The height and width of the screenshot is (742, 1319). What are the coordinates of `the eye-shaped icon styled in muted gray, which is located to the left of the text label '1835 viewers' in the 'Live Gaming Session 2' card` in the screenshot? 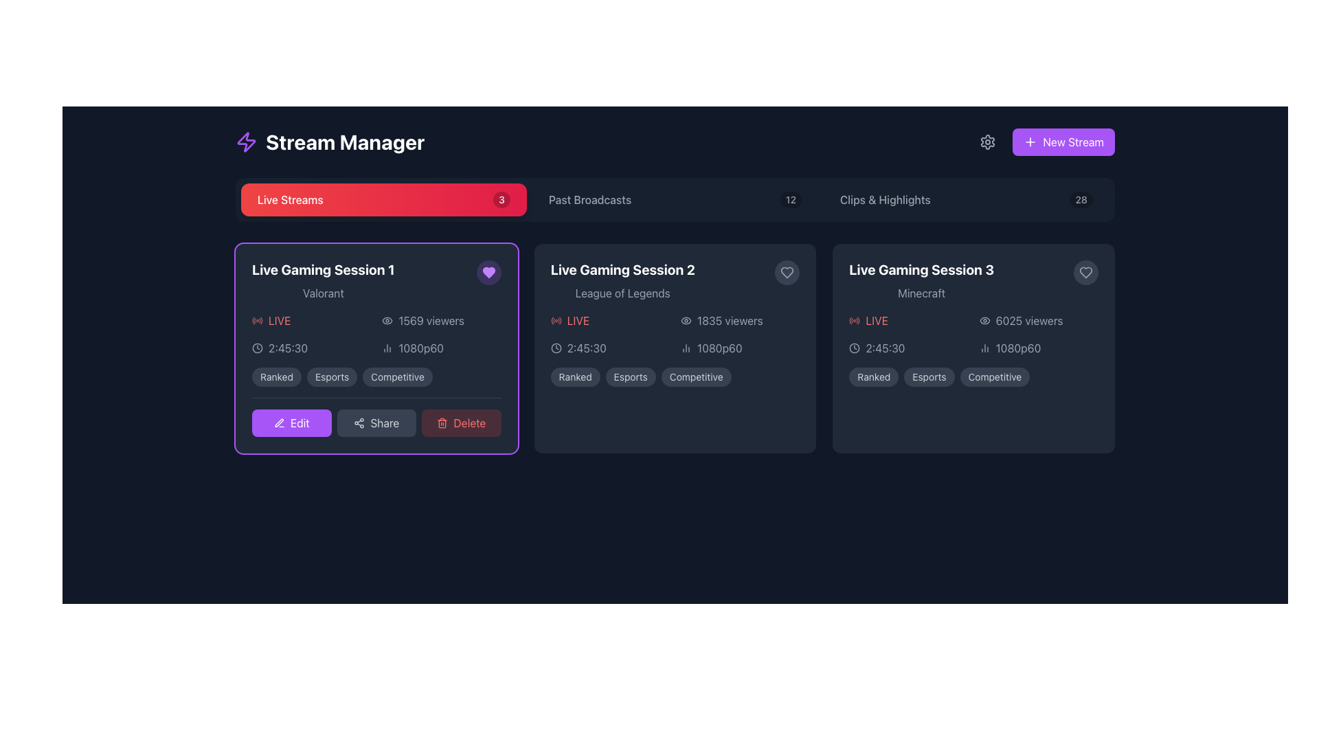 It's located at (686, 320).